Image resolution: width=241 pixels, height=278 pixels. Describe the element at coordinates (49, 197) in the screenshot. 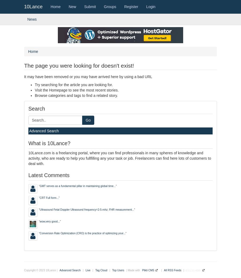

I see `'CRT Full form...'` at that location.